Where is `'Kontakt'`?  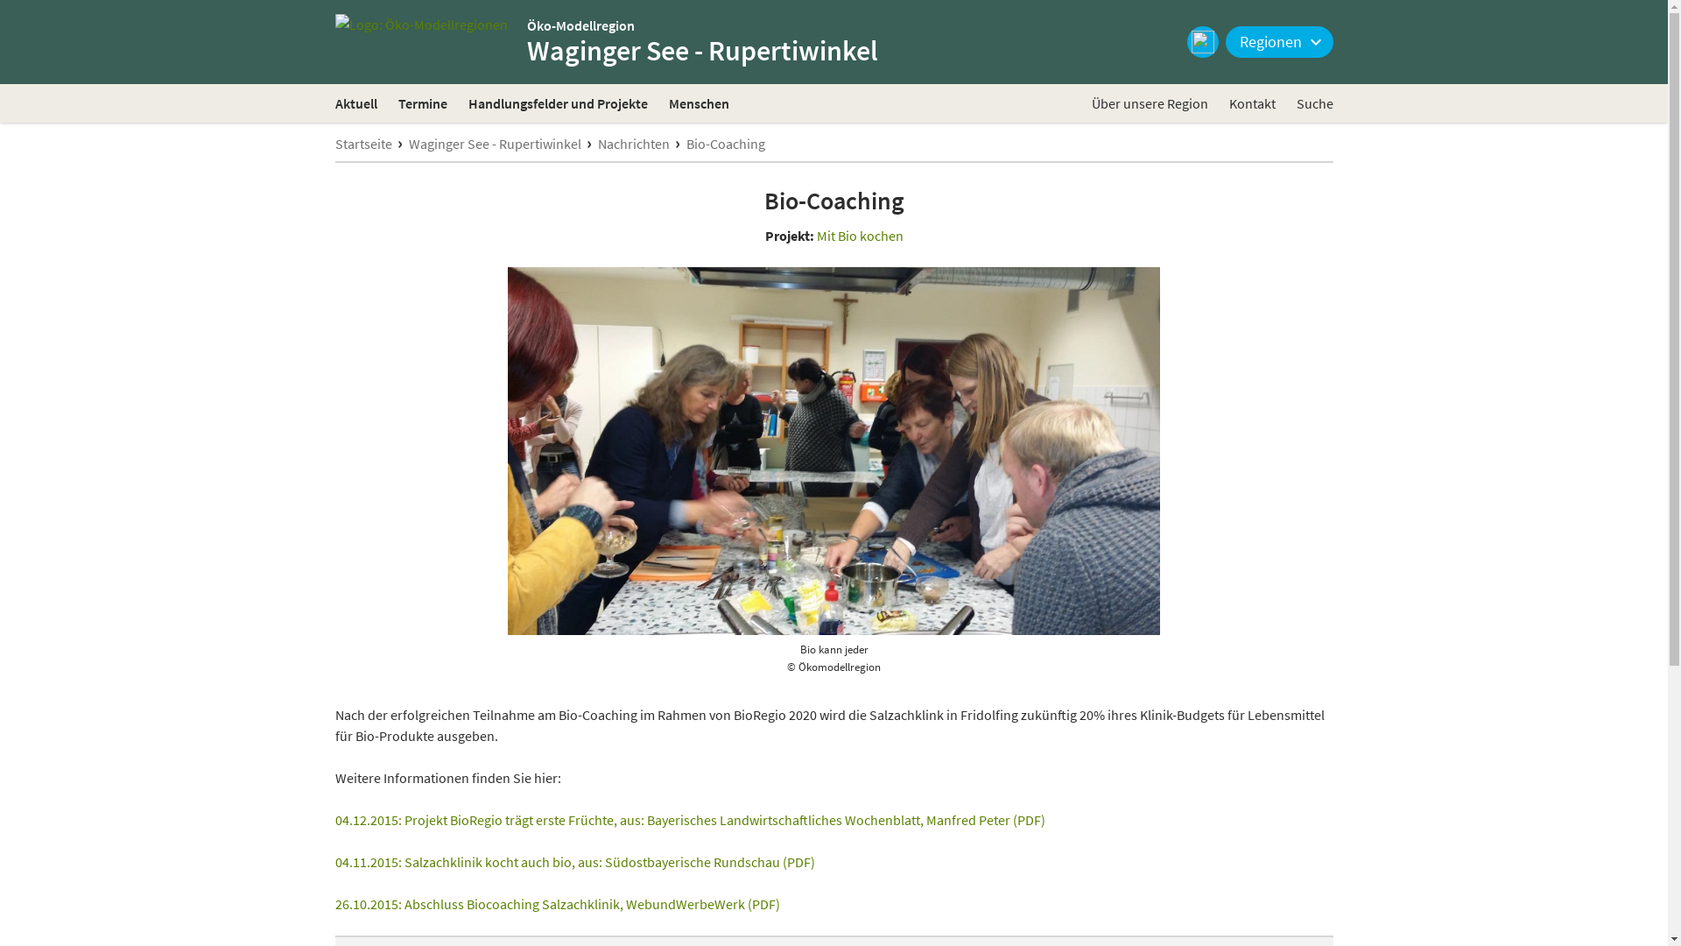 'Kontakt' is located at coordinates (1251, 103).